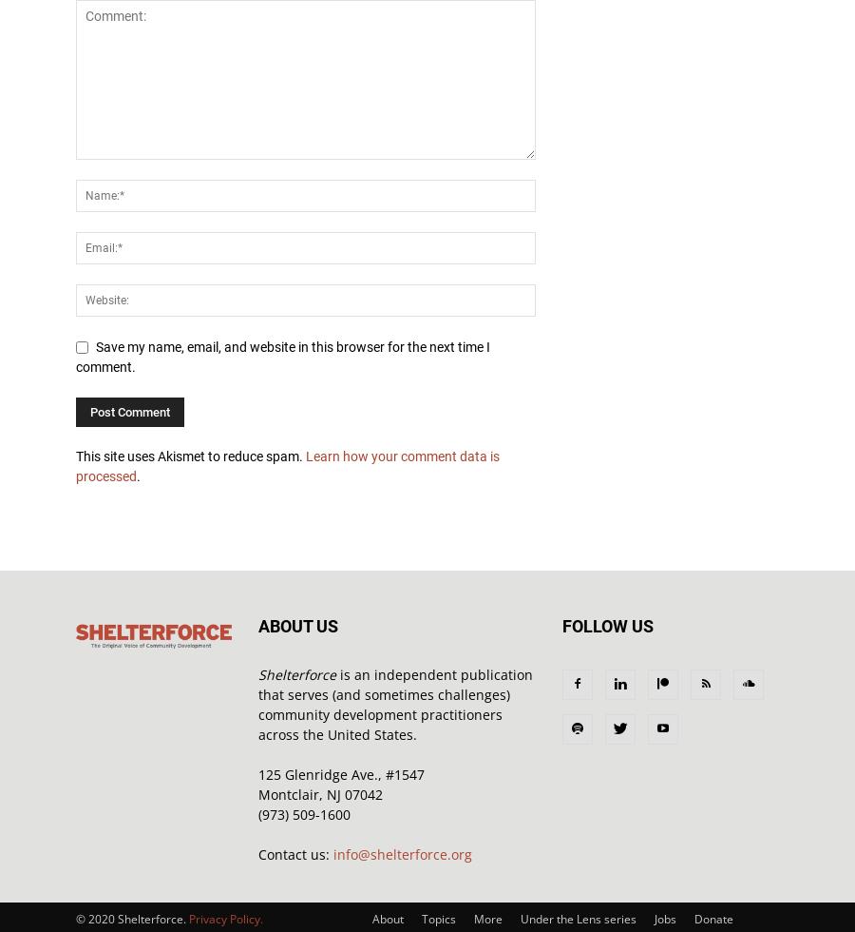 This screenshot has width=855, height=932. What do you see at coordinates (303, 814) in the screenshot?
I see `'(973) 509-1600'` at bounding box center [303, 814].